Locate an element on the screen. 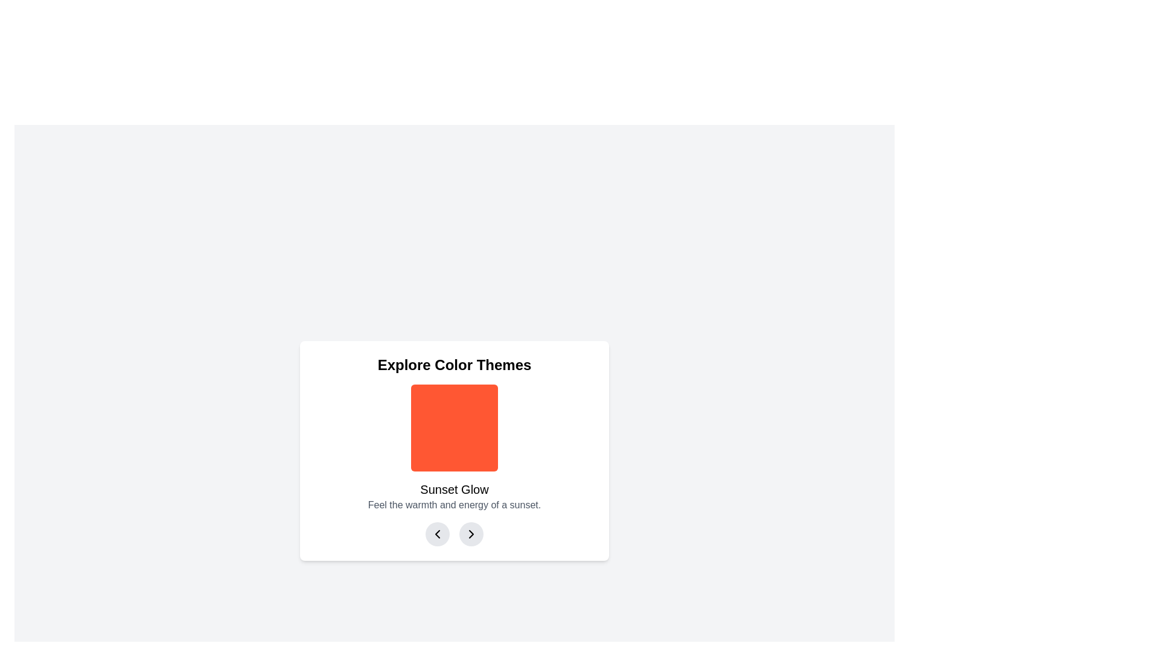  the circular button with a gray background and a right-facing chevron arrow to trigger its hover effect is located at coordinates (471, 533).